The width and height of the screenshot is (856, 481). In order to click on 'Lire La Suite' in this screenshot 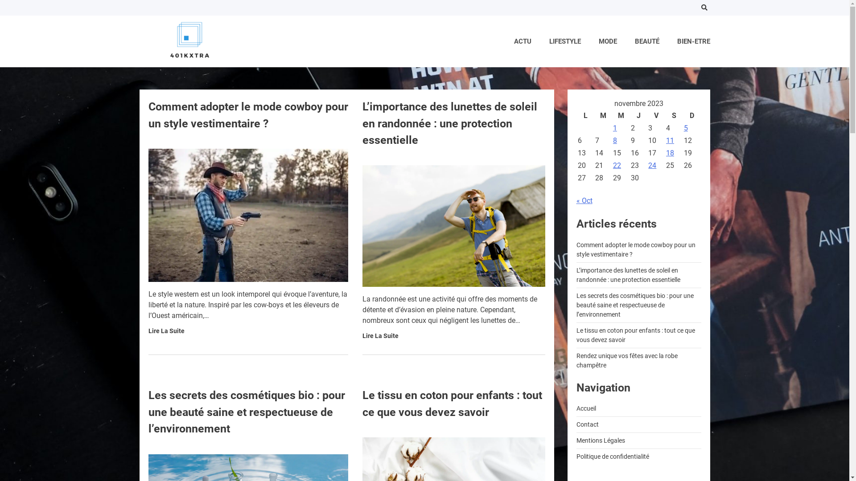, I will do `click(362, 336)`.